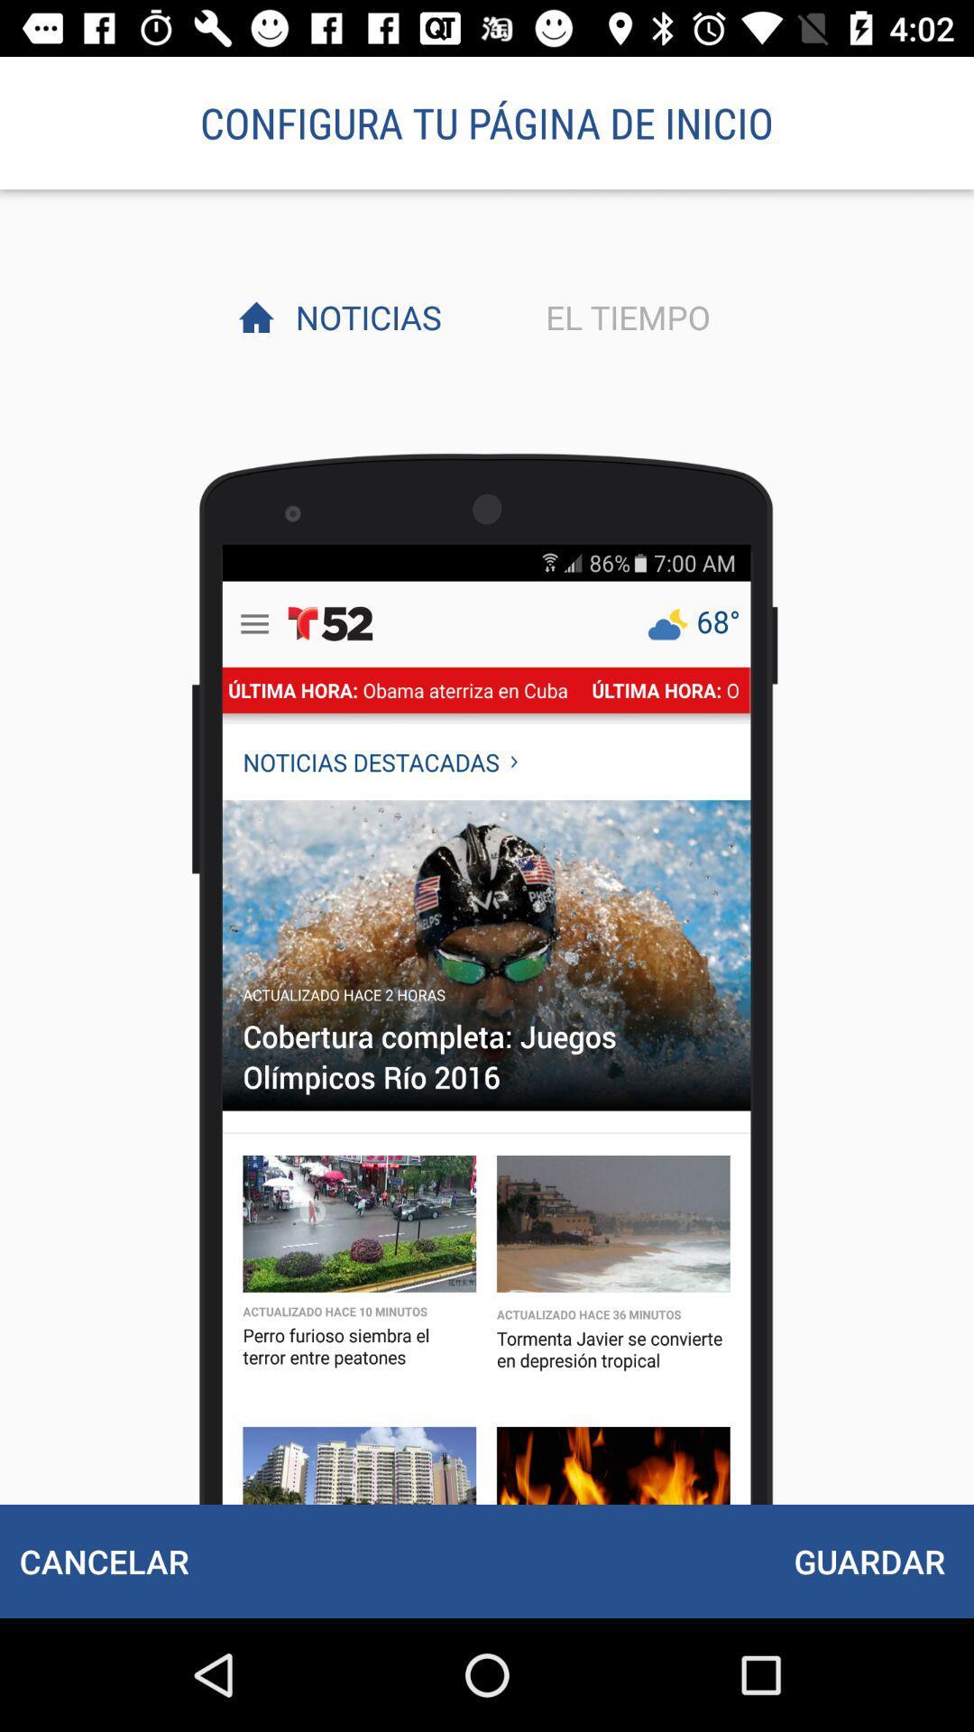 This screenshot has height=1732, width=974. What do you see at coordinates (104, 1561) in the screenshot?
I see `the cancelar` at bounding box center [104, 1561].